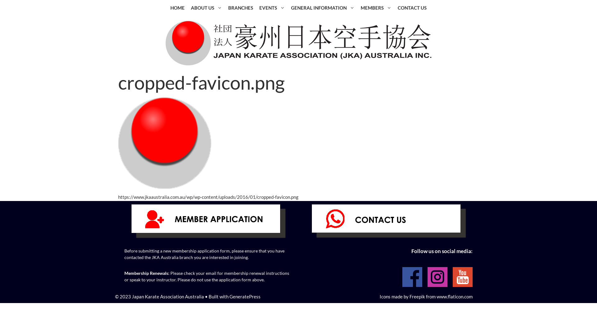 This screenshot has height=335, width=597. What do you see at coordinates (376, 7) in the screenshot?
I see `'MEMBERS'` at bounding box center [376, 7].